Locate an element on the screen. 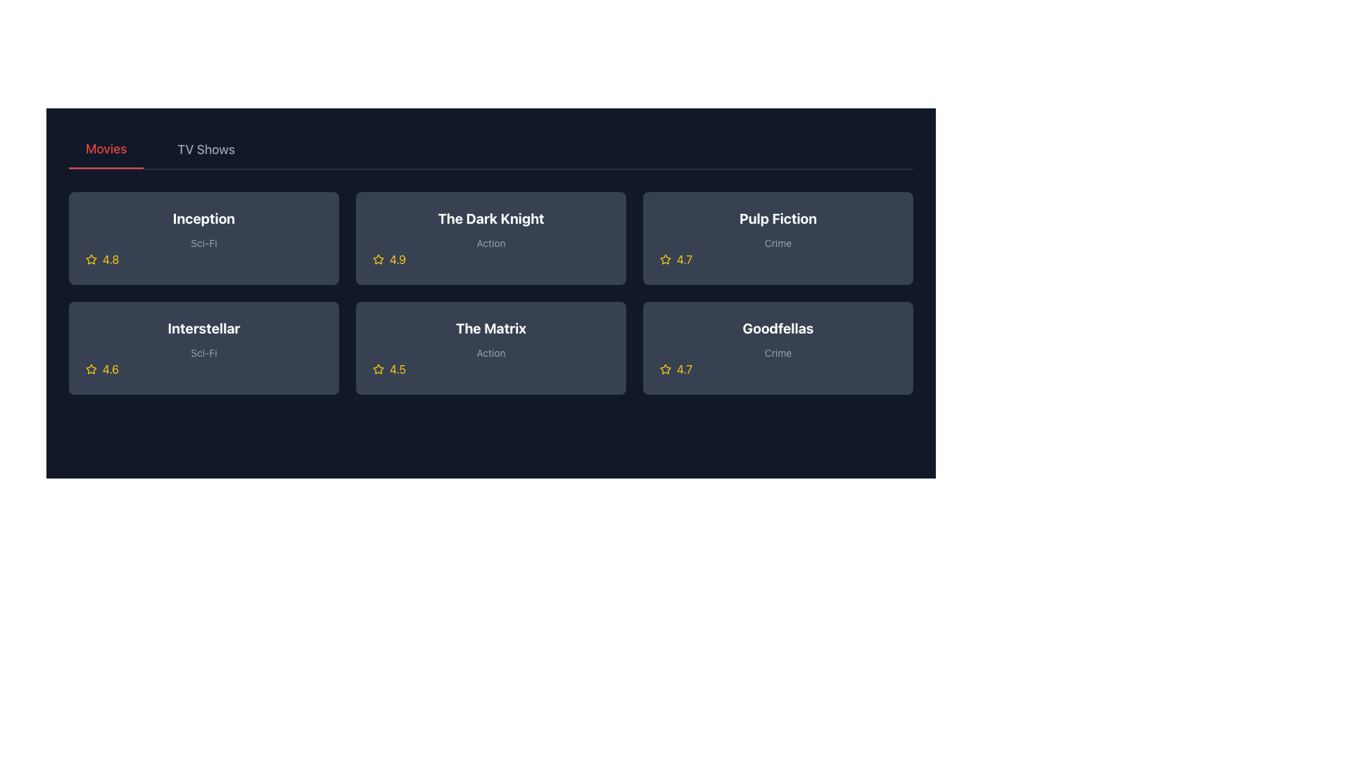 The image size is (1351, 760). the Informational icon, which is a circular icon with a distinct inner 'i' shape is located at coordinates (777, 348).